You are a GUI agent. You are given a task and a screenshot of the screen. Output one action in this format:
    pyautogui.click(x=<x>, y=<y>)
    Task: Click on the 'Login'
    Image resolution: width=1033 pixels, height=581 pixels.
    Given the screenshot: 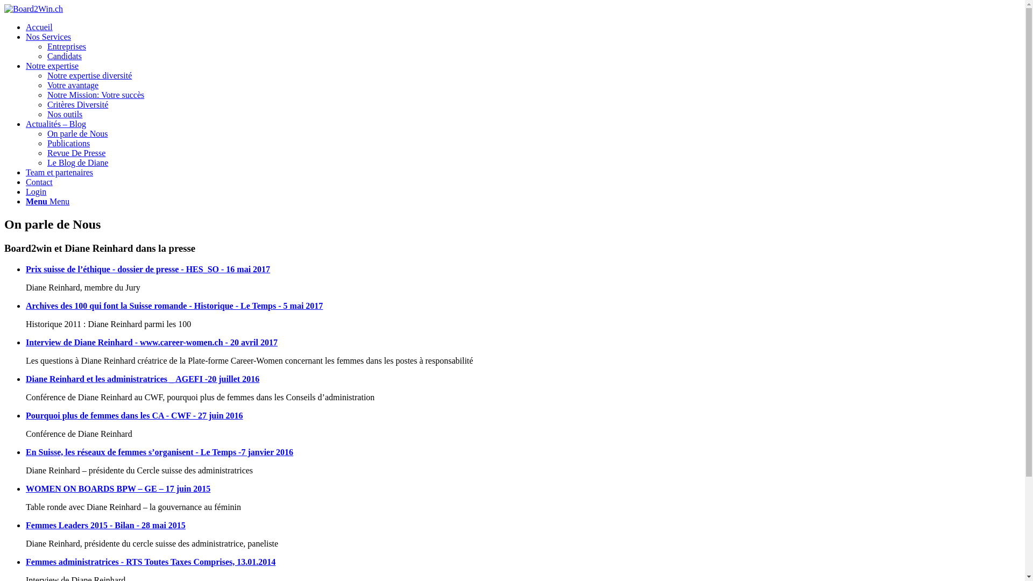 What is the action you would take?
    pyautogui.click(x=36, y=191)
    